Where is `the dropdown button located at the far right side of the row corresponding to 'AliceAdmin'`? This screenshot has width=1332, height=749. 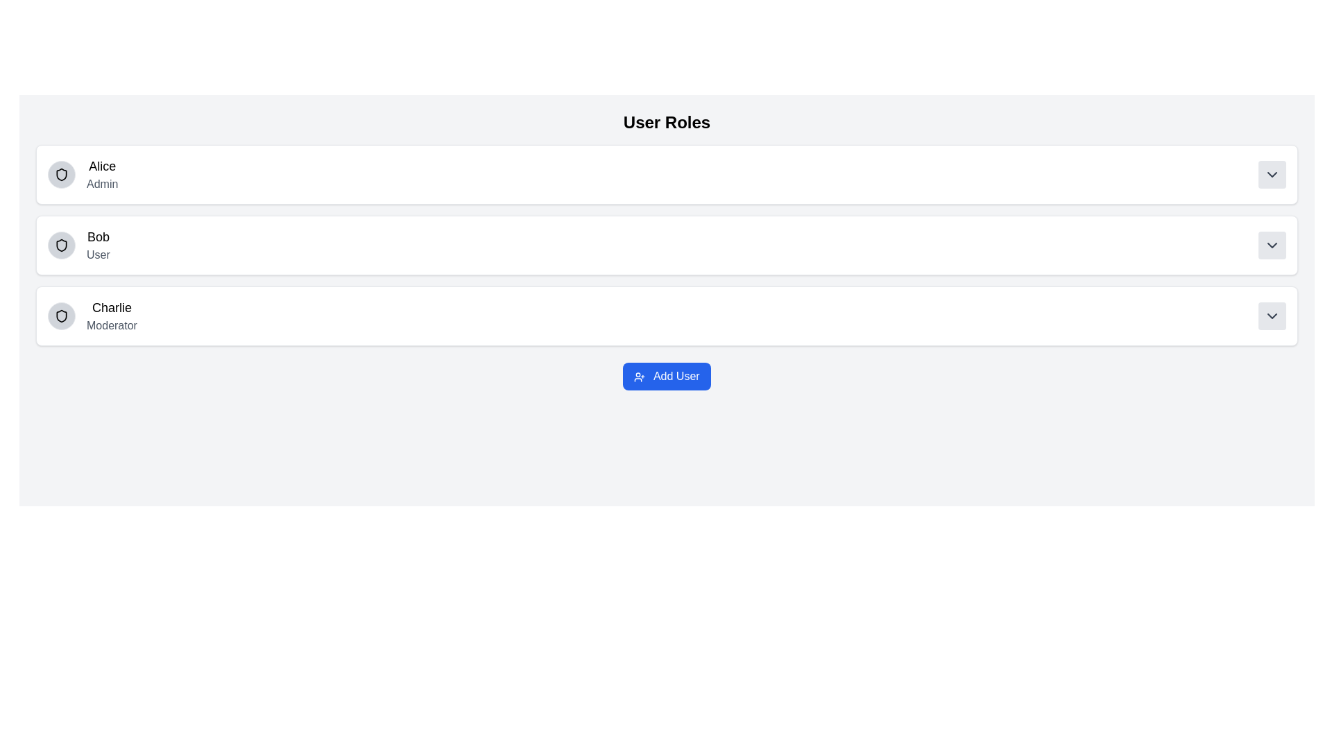
the dropdown button located at the far right side of the row corresponding to 'AliceAdmin' is located at coordinates (1272, 173).